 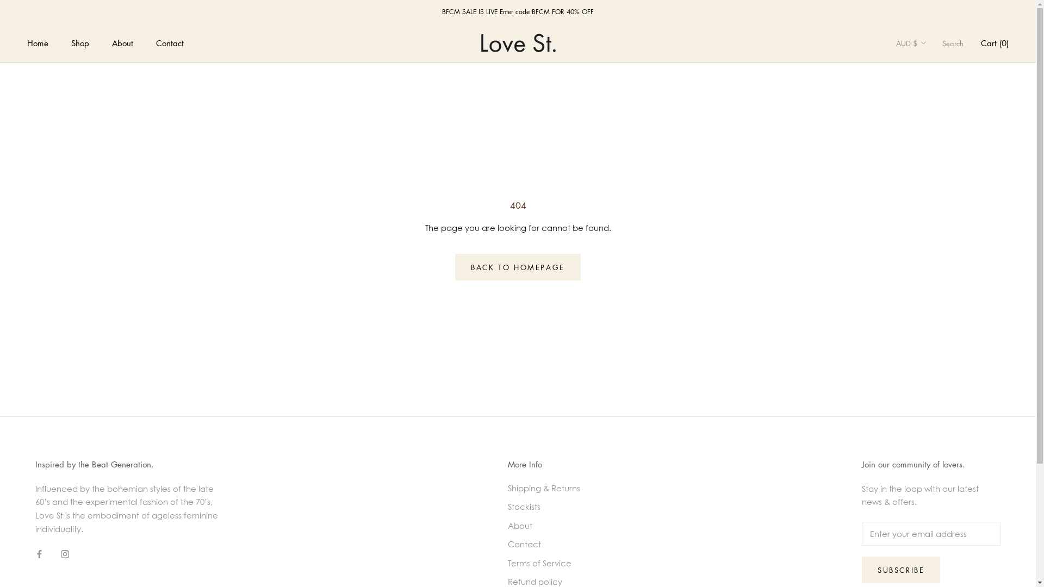 What do you see at coordinates (928, 324) in the screenshot?
I see `'BSD'` at bounding box center [928, 324].